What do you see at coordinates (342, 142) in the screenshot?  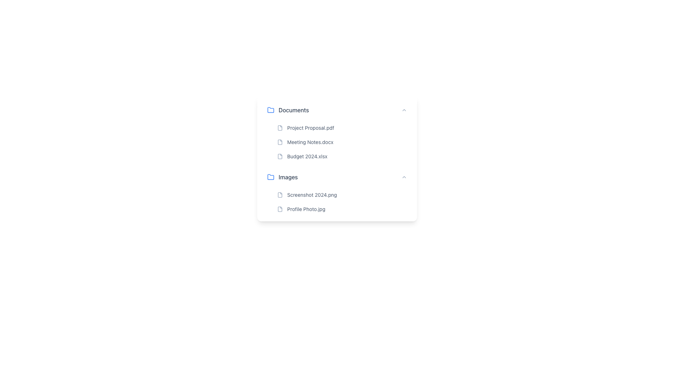 I see `the second selectable list item labeled 'Meeting Notes.docx'` at bounding box center [342, 142].